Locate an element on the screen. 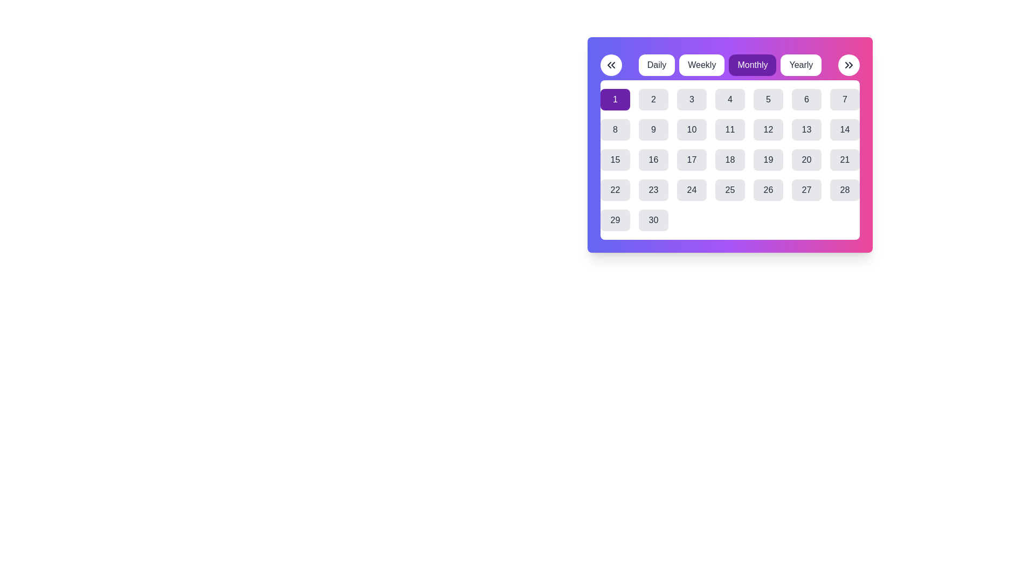 The width and height of the screenshot is (1035, 582). the button labeled '22' in the calendar grid is located at coordinates (615, 190).